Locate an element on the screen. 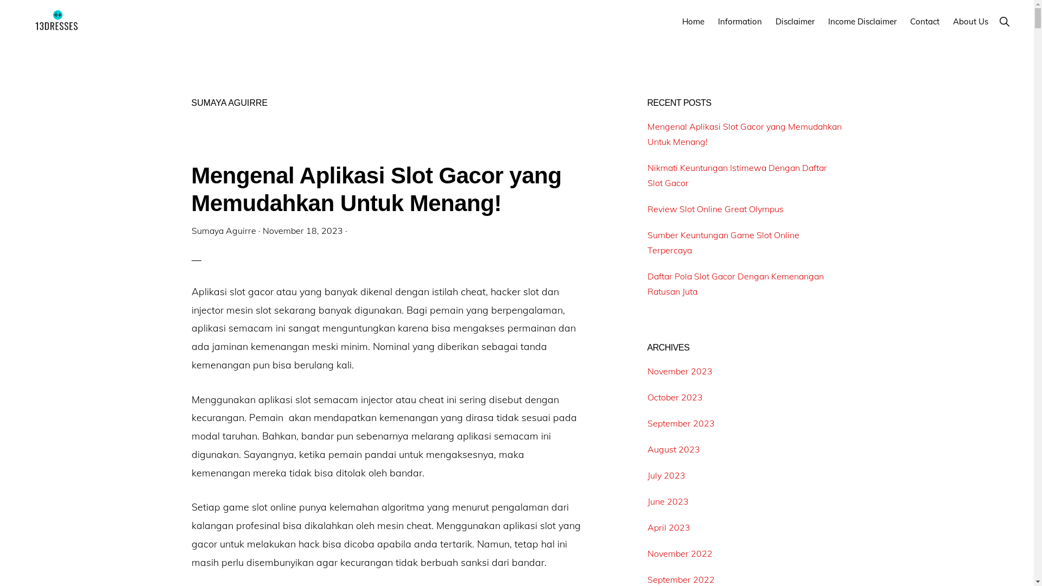 The image size is (1042, 586). 'Contact' is located at coordinates (924, 21).